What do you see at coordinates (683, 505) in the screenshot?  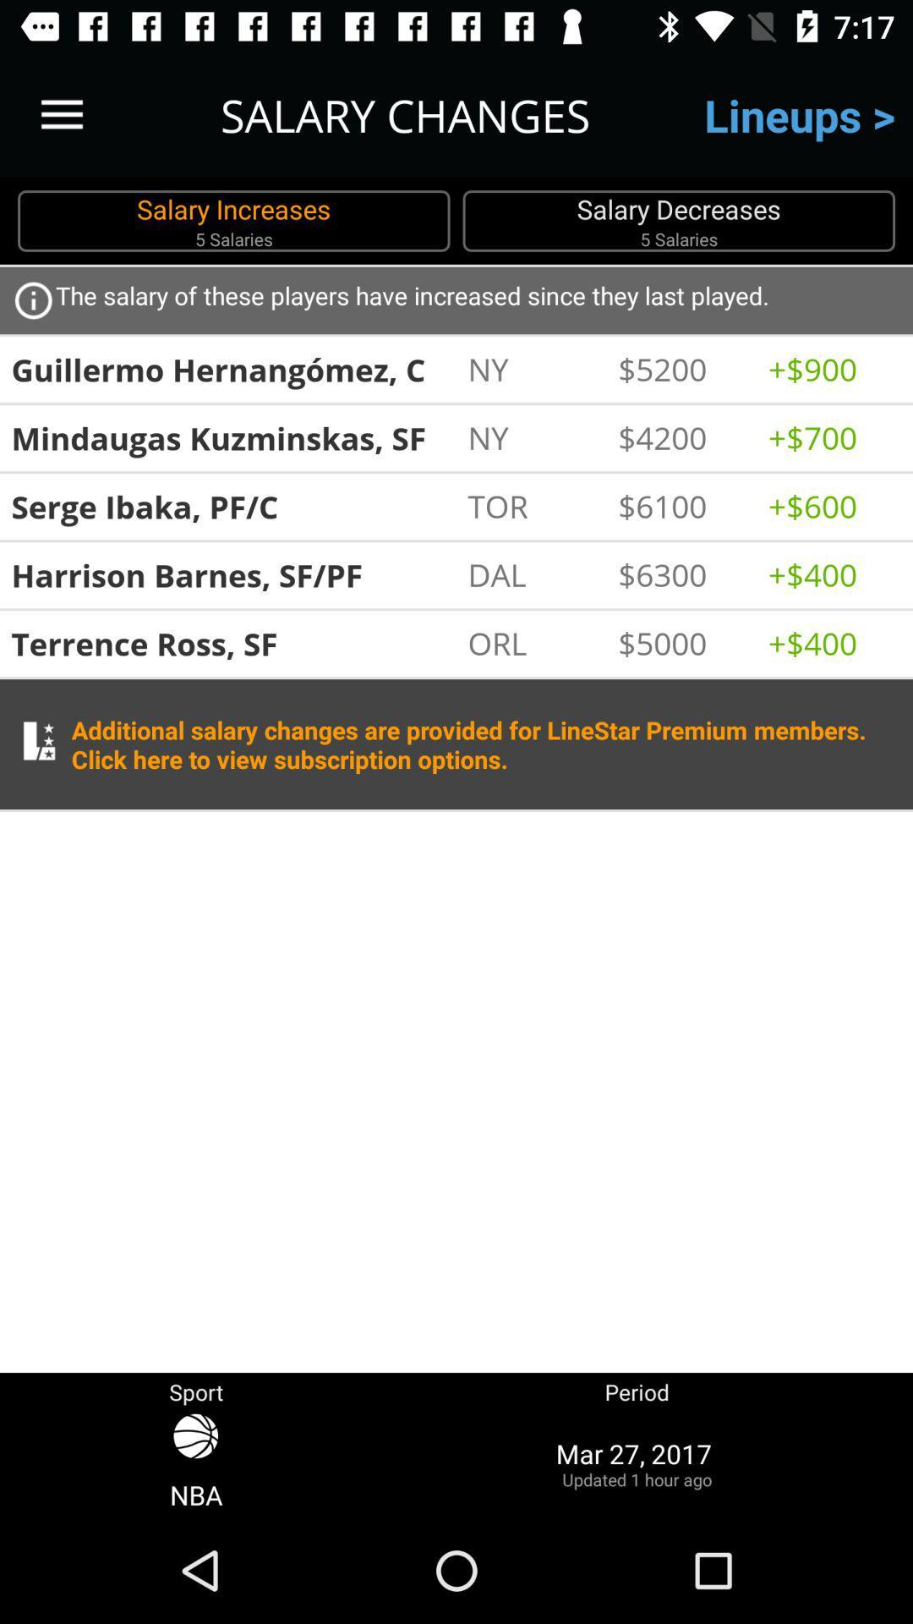 I see `icon next to tor item` at bounding box center [683, 505].